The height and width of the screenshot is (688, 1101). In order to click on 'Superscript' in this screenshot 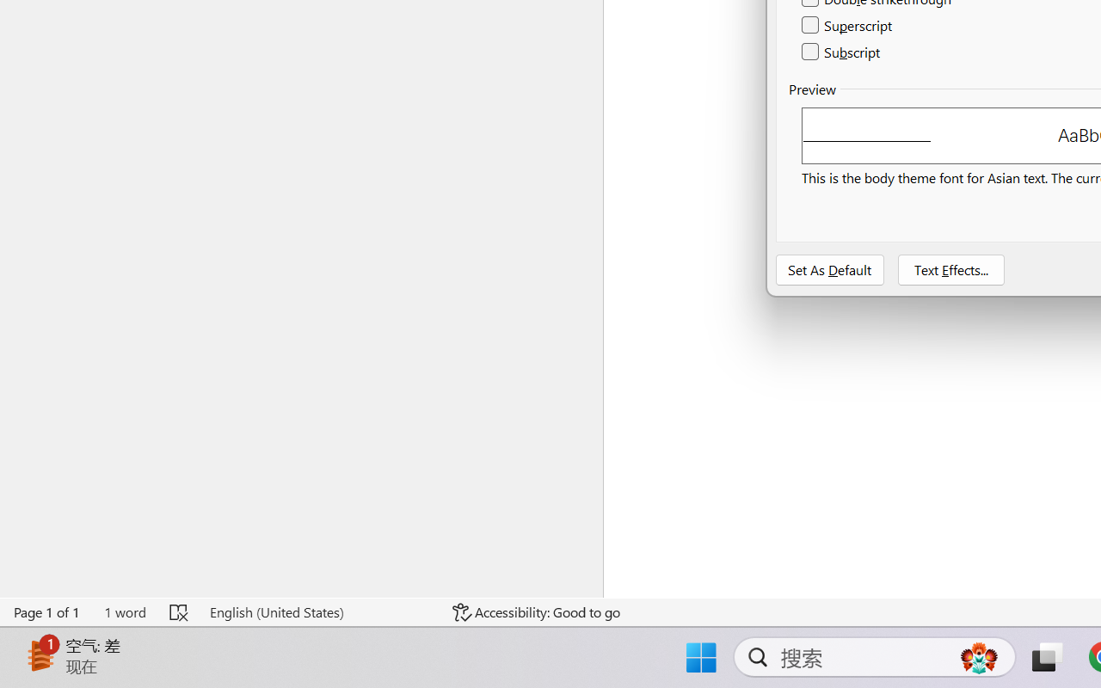, I will do `click(848, 26)`.